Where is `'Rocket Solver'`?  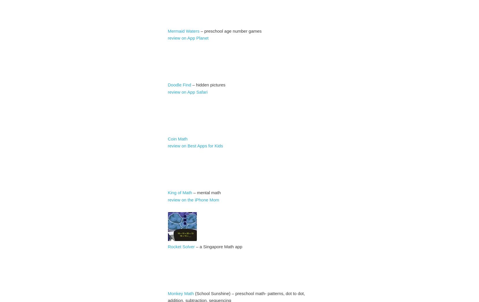
'Rocket Solver' is located at coordinates (167, 246).